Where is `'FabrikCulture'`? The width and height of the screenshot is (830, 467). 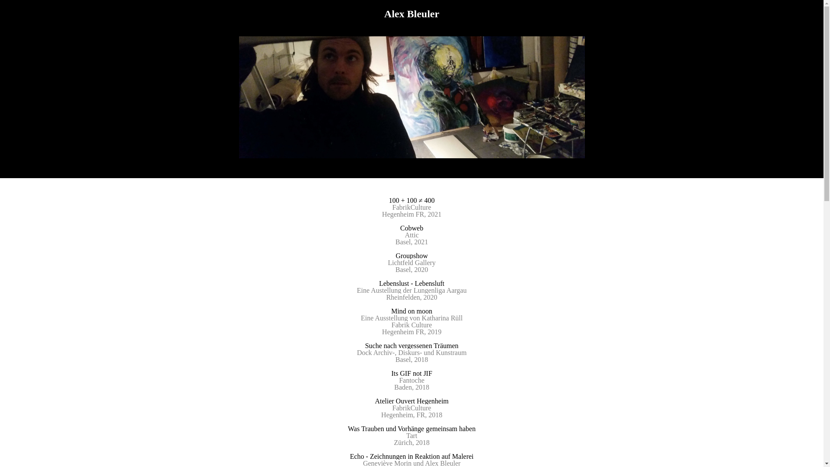 'FabrikCulture' is located at coordinates (412, 207).